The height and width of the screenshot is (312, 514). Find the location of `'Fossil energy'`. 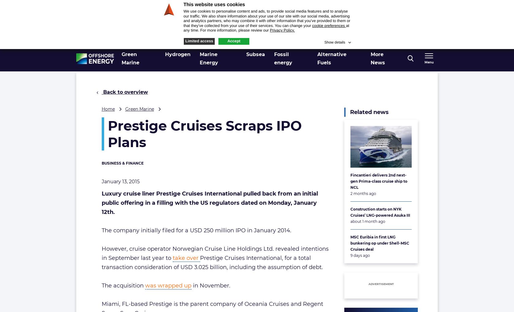

'Fossil energy' is located at coordinates (283, 58).